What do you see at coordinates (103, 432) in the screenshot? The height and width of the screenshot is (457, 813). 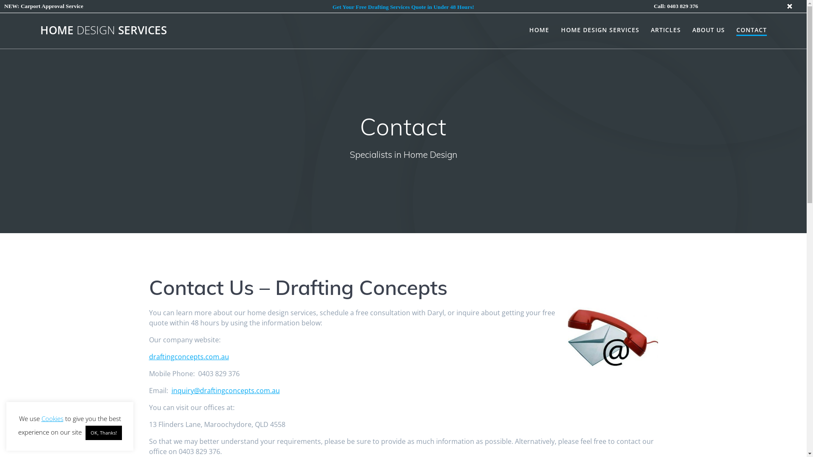 I see `'OK, Thanks!'` at bounding box center [103, 432].